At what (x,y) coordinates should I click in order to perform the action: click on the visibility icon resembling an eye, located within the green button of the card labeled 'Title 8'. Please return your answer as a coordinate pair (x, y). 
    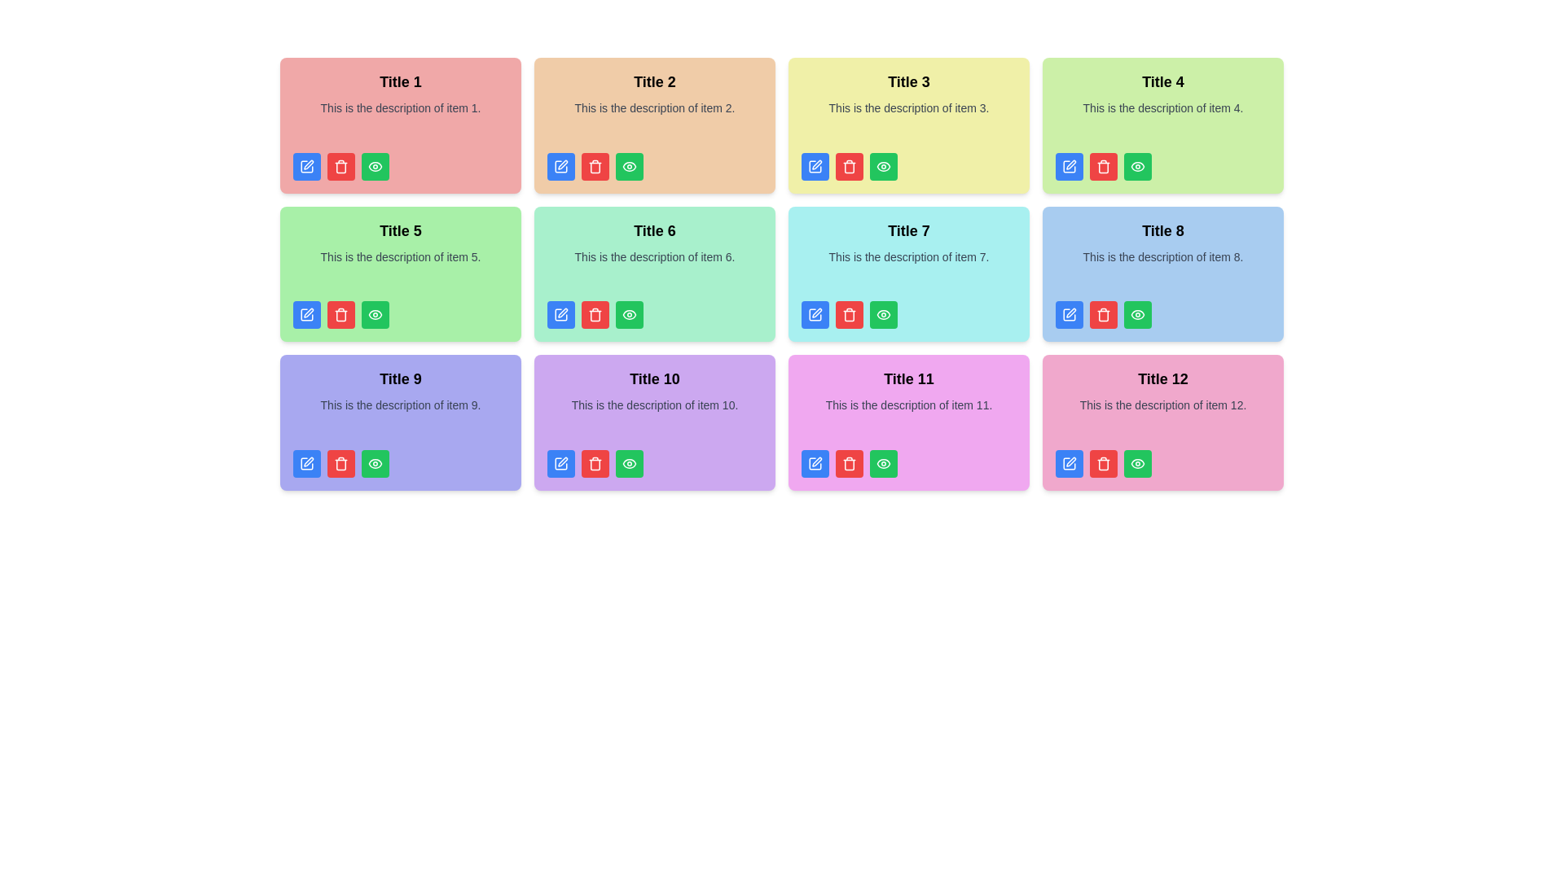
    Looking at the image, I should click on (1136, 314).